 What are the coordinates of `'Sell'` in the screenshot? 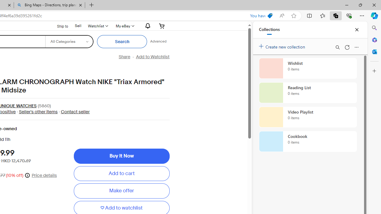 It's located at (78, 25).